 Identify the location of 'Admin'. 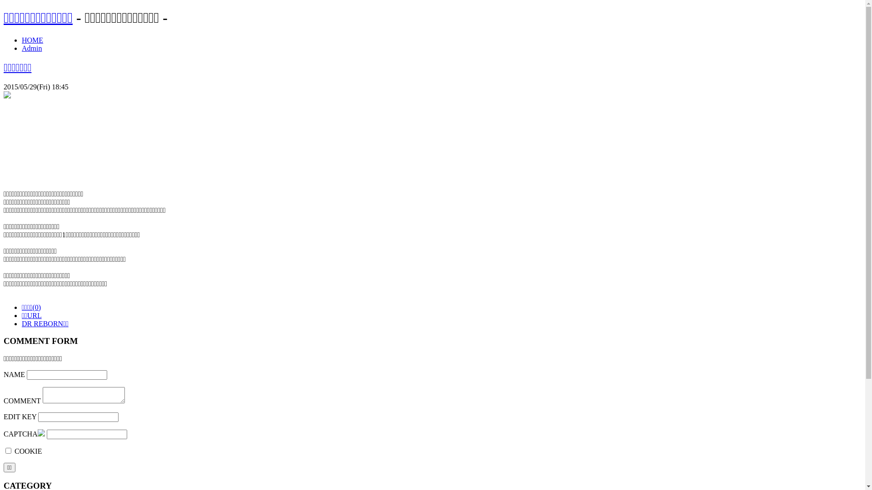
(32, 48).